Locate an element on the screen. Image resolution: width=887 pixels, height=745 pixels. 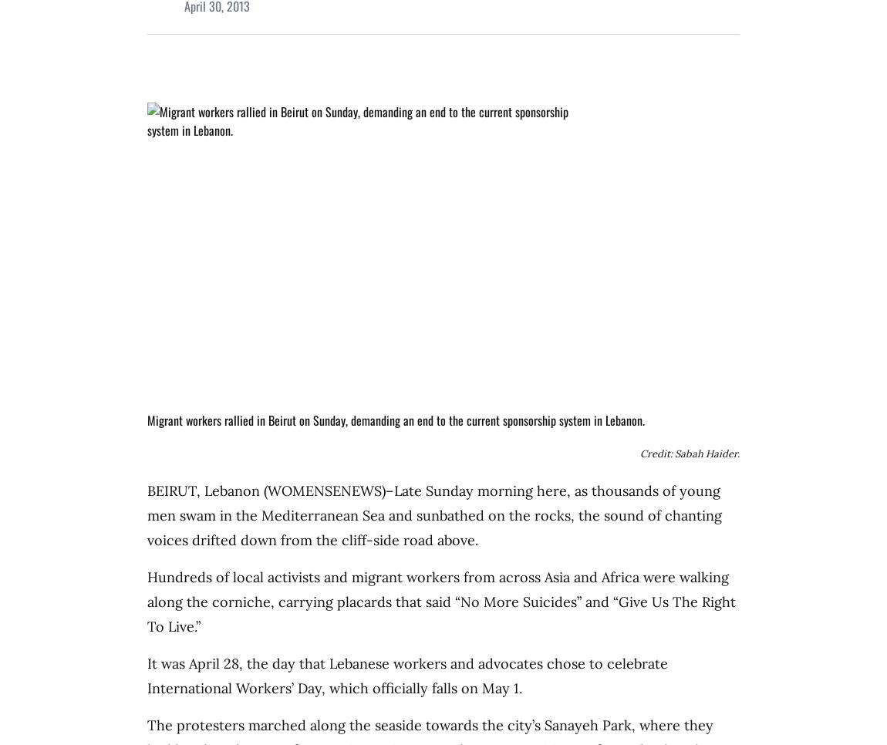
'Asia' is located at coordinates (556, 577).